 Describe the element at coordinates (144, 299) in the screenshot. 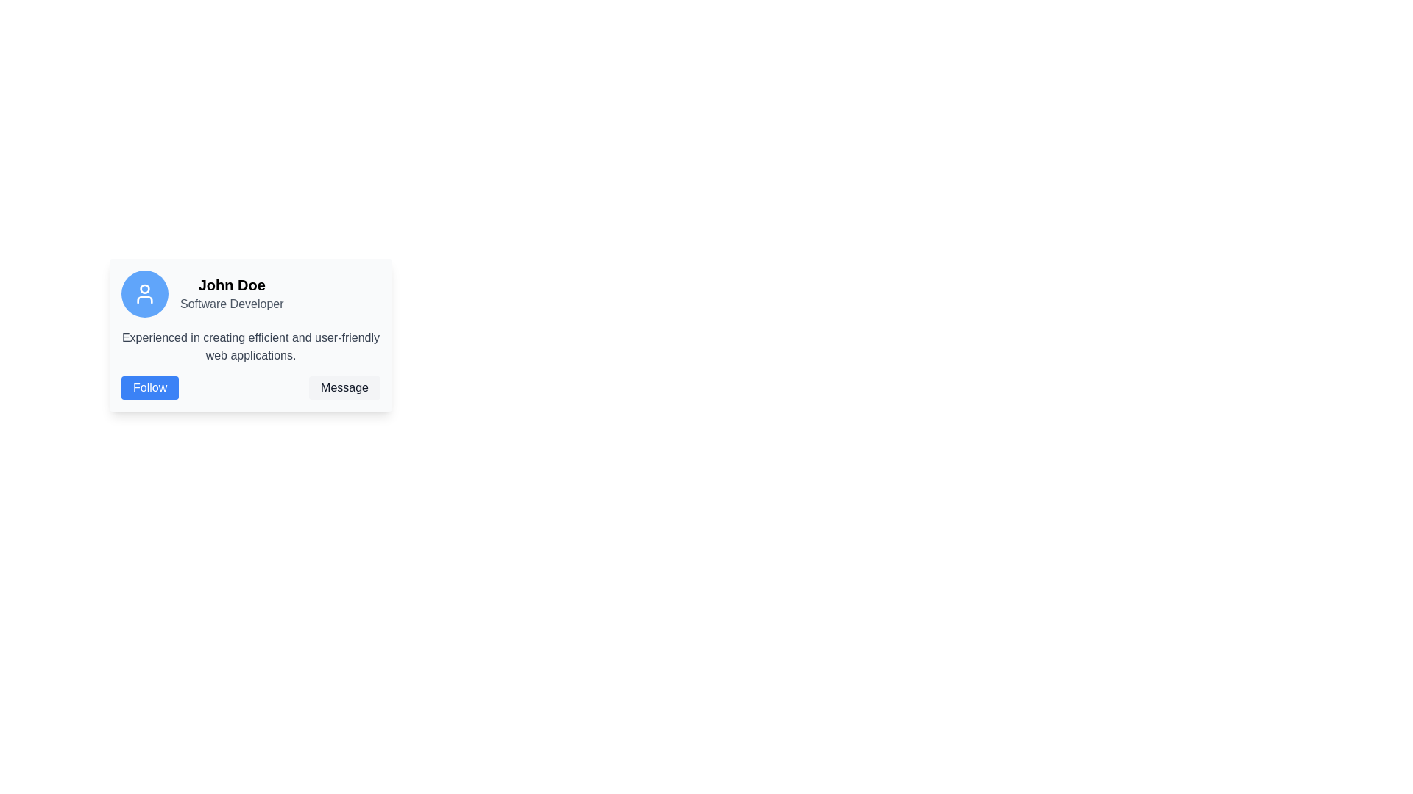

I see `the lower part of the humanoid icon, which is a curved geometric feature resembling a hollow arc, positioned within a blue circular background to the left of the text 'John Doe' and the designation 'Software Developer'` at that location.